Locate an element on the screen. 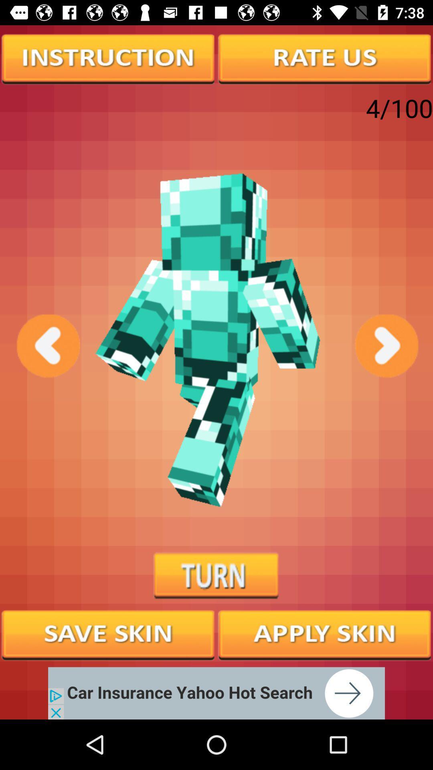 This screenshot has height=770, width=433. skin is located at coordinates (108, 634).